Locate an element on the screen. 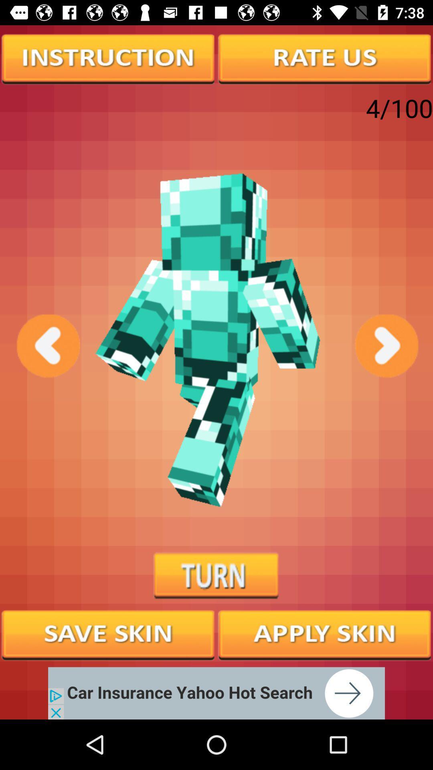 This screenshot has height=770, width=433. skin is located at coordinates (108, 634).